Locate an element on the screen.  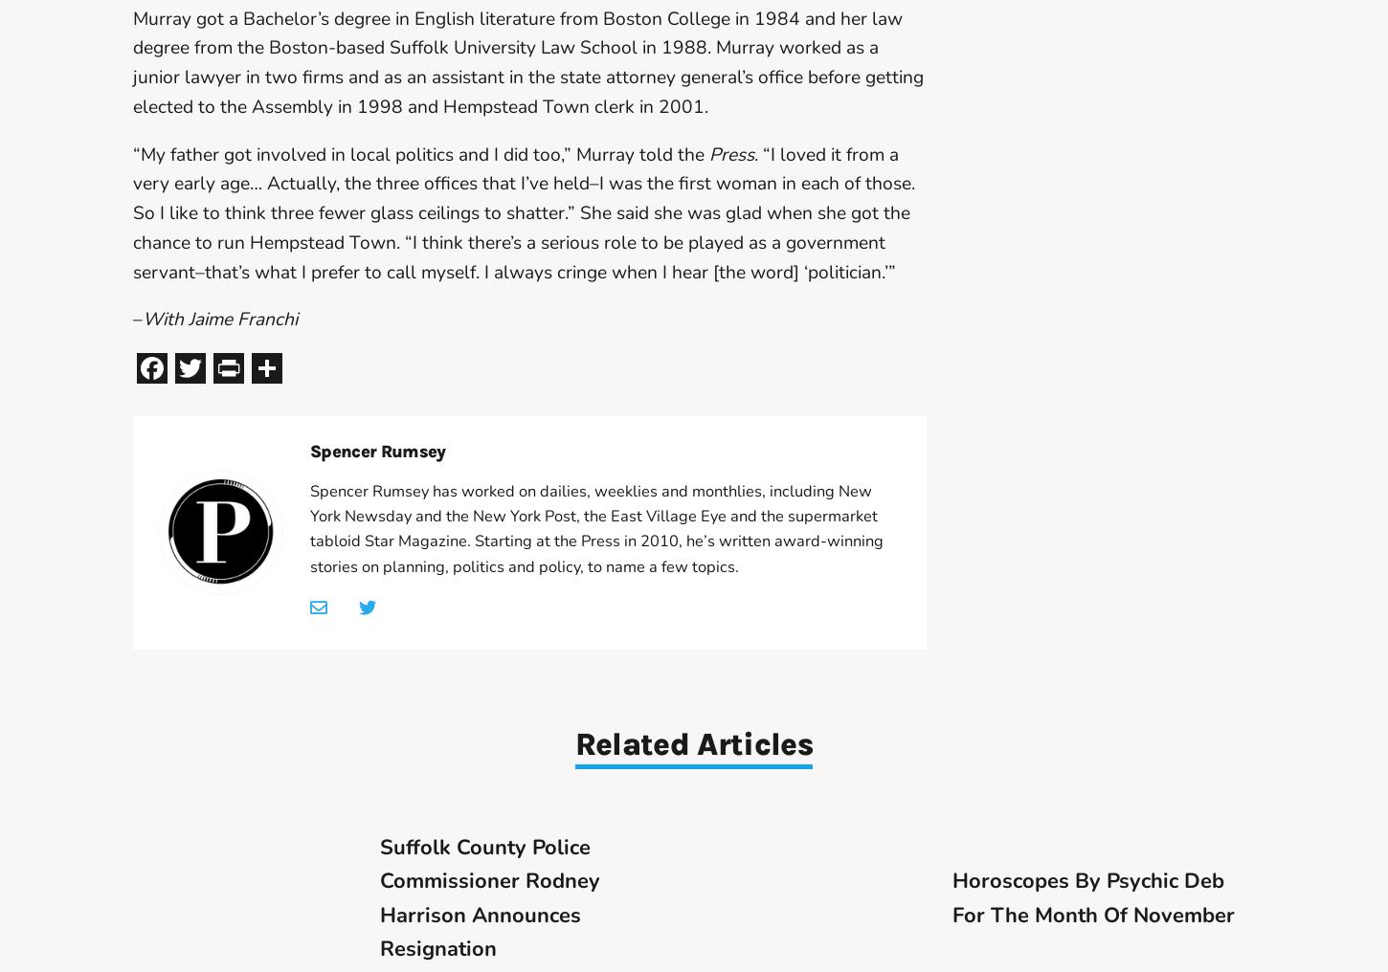
'Spencer Rumsey' is located at coordinates (309, 452).